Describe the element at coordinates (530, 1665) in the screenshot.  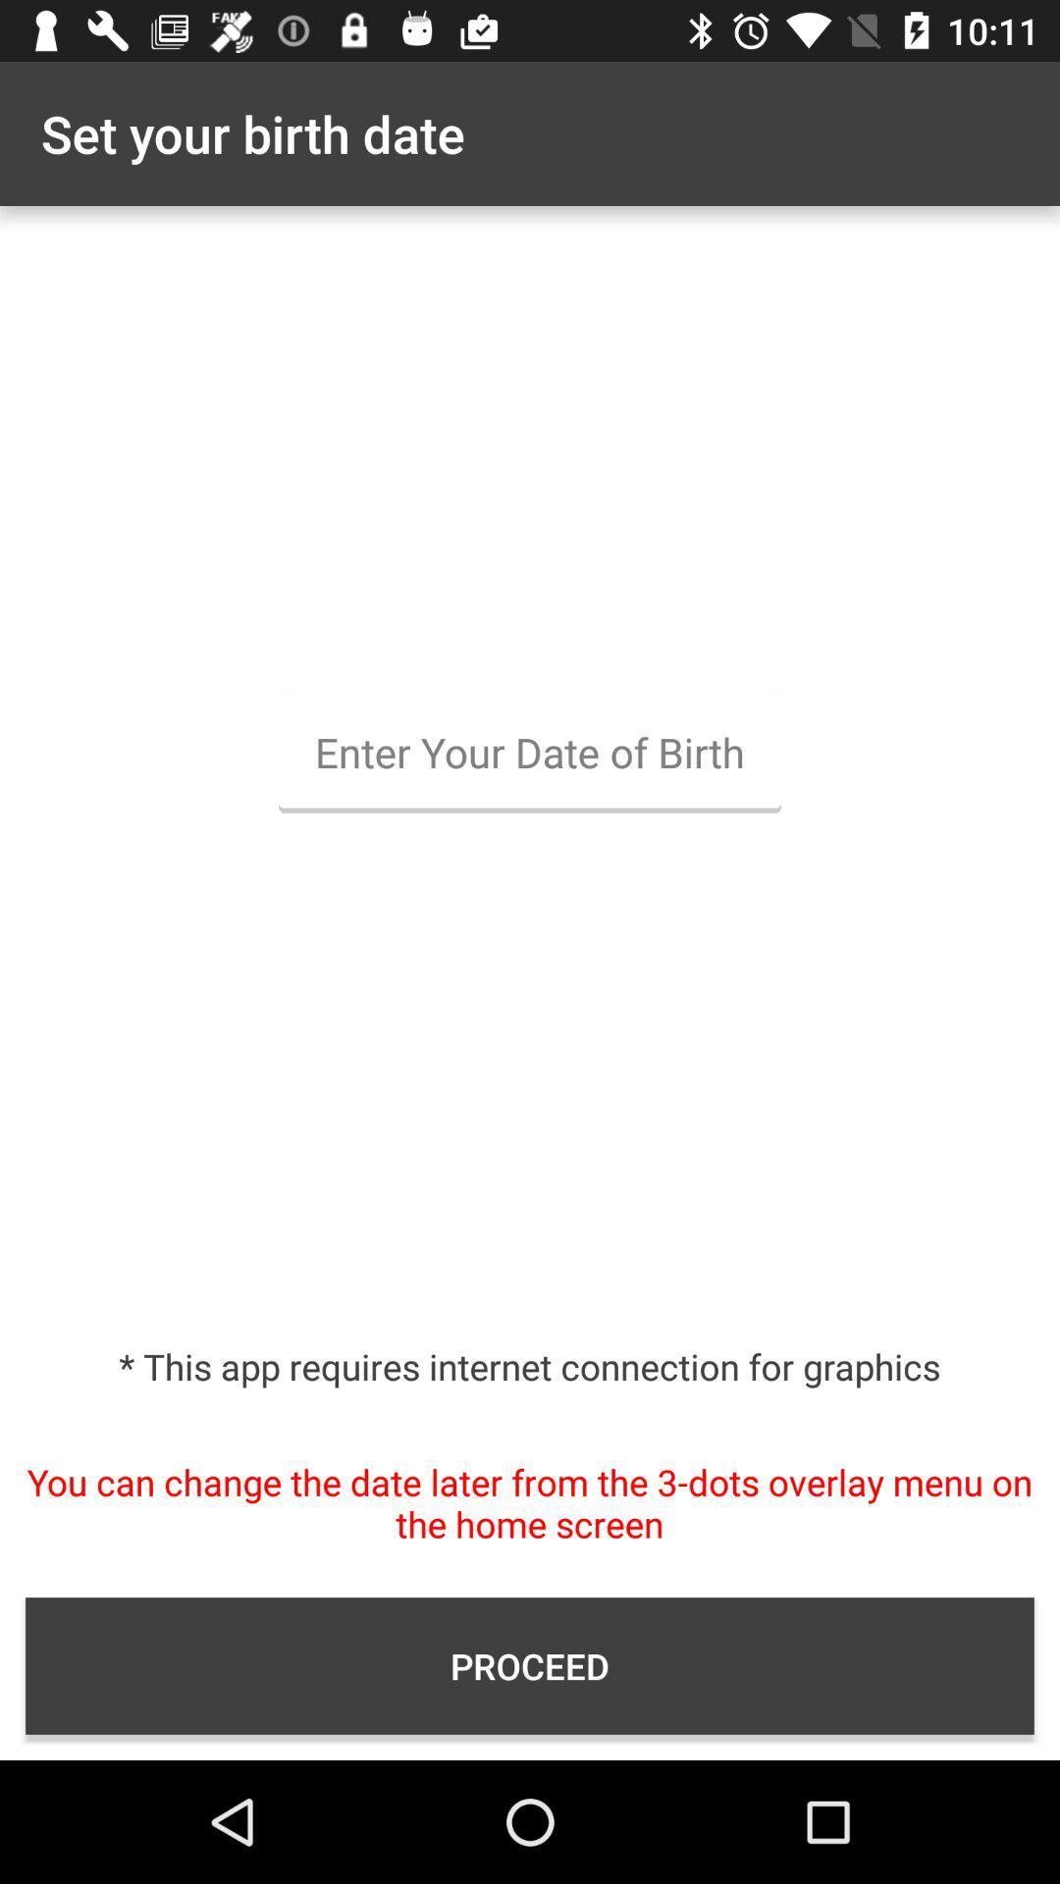
I see `the proceed icon` at that location.